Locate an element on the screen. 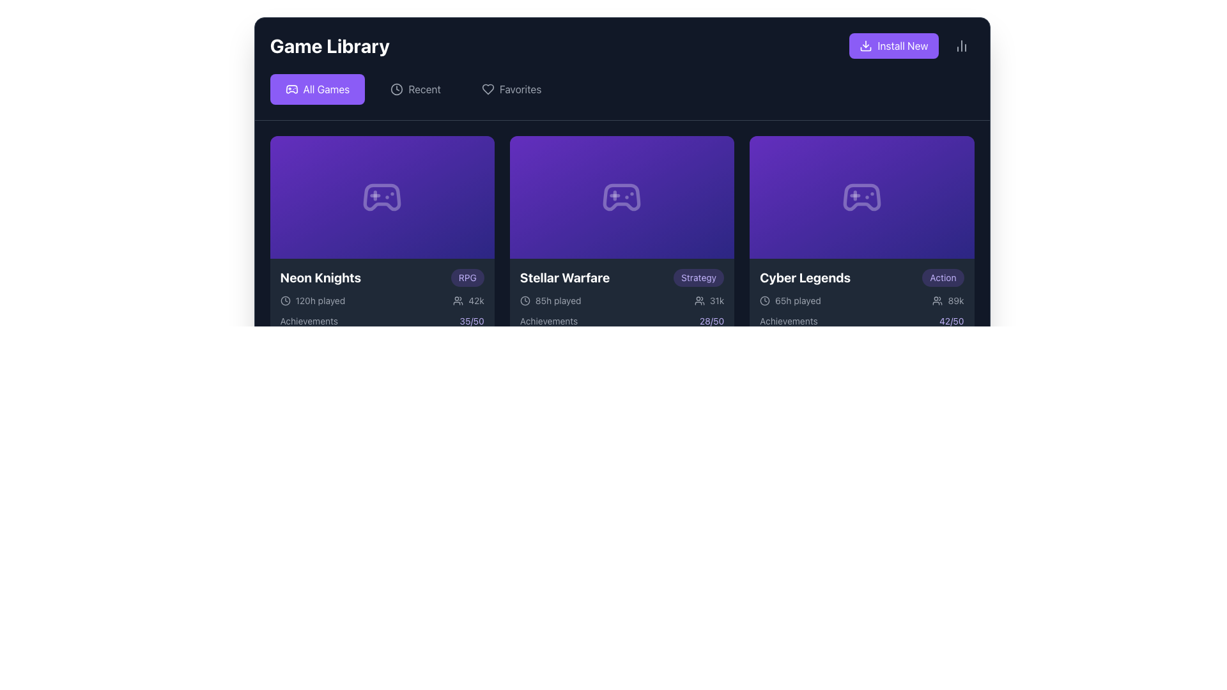 Image resolution: width=1227 pixels, height=690 pixels. the decorative outer circle of the clock icon, which represents time played in the Game Library interface, located near the text '120h played' in the first card's meta information section is located at coordinates (525, 300).